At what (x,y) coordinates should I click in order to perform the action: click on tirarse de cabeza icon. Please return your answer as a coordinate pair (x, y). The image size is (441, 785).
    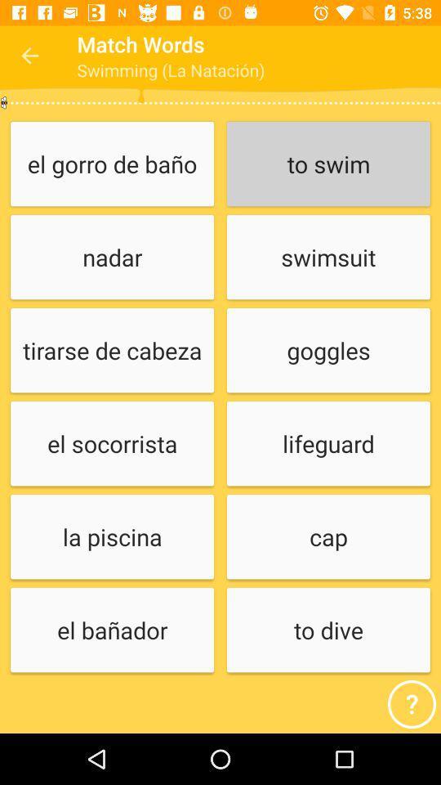
    Looking at the image, I should click on (111, 351).